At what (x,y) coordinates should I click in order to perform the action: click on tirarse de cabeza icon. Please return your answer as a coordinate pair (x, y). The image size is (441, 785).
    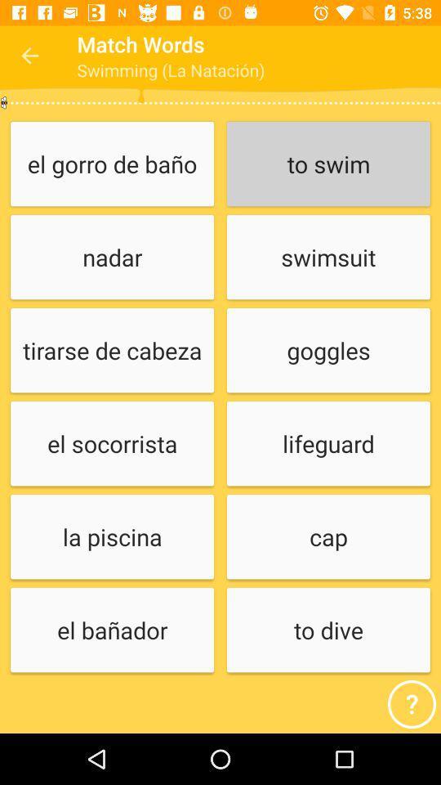
    Looking at the image, I should click on (111, 351).